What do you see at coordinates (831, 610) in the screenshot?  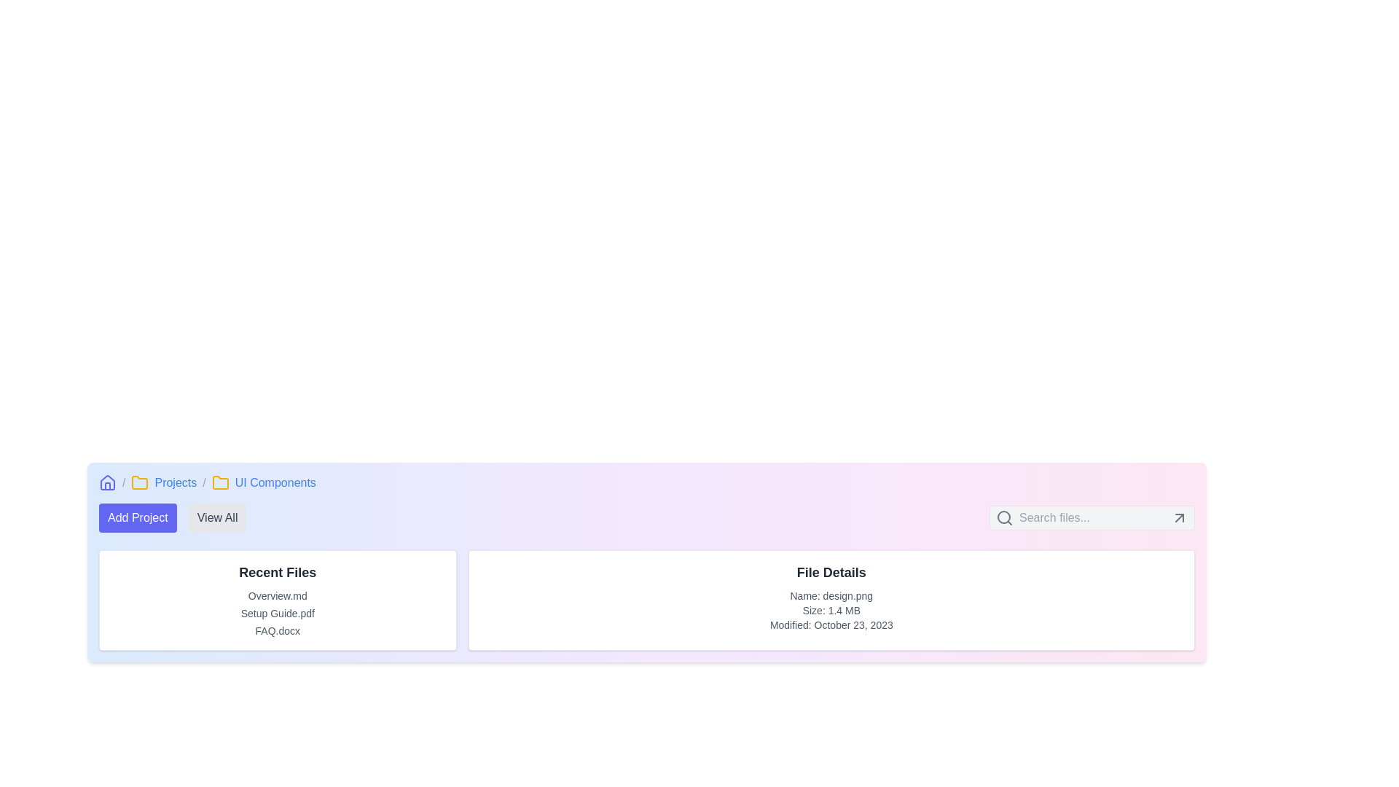 I see `the static text label displaying 'Size: 1.4 MB' located in the middle panel labeled 'File Details.'` at bounding box center [831, 610].